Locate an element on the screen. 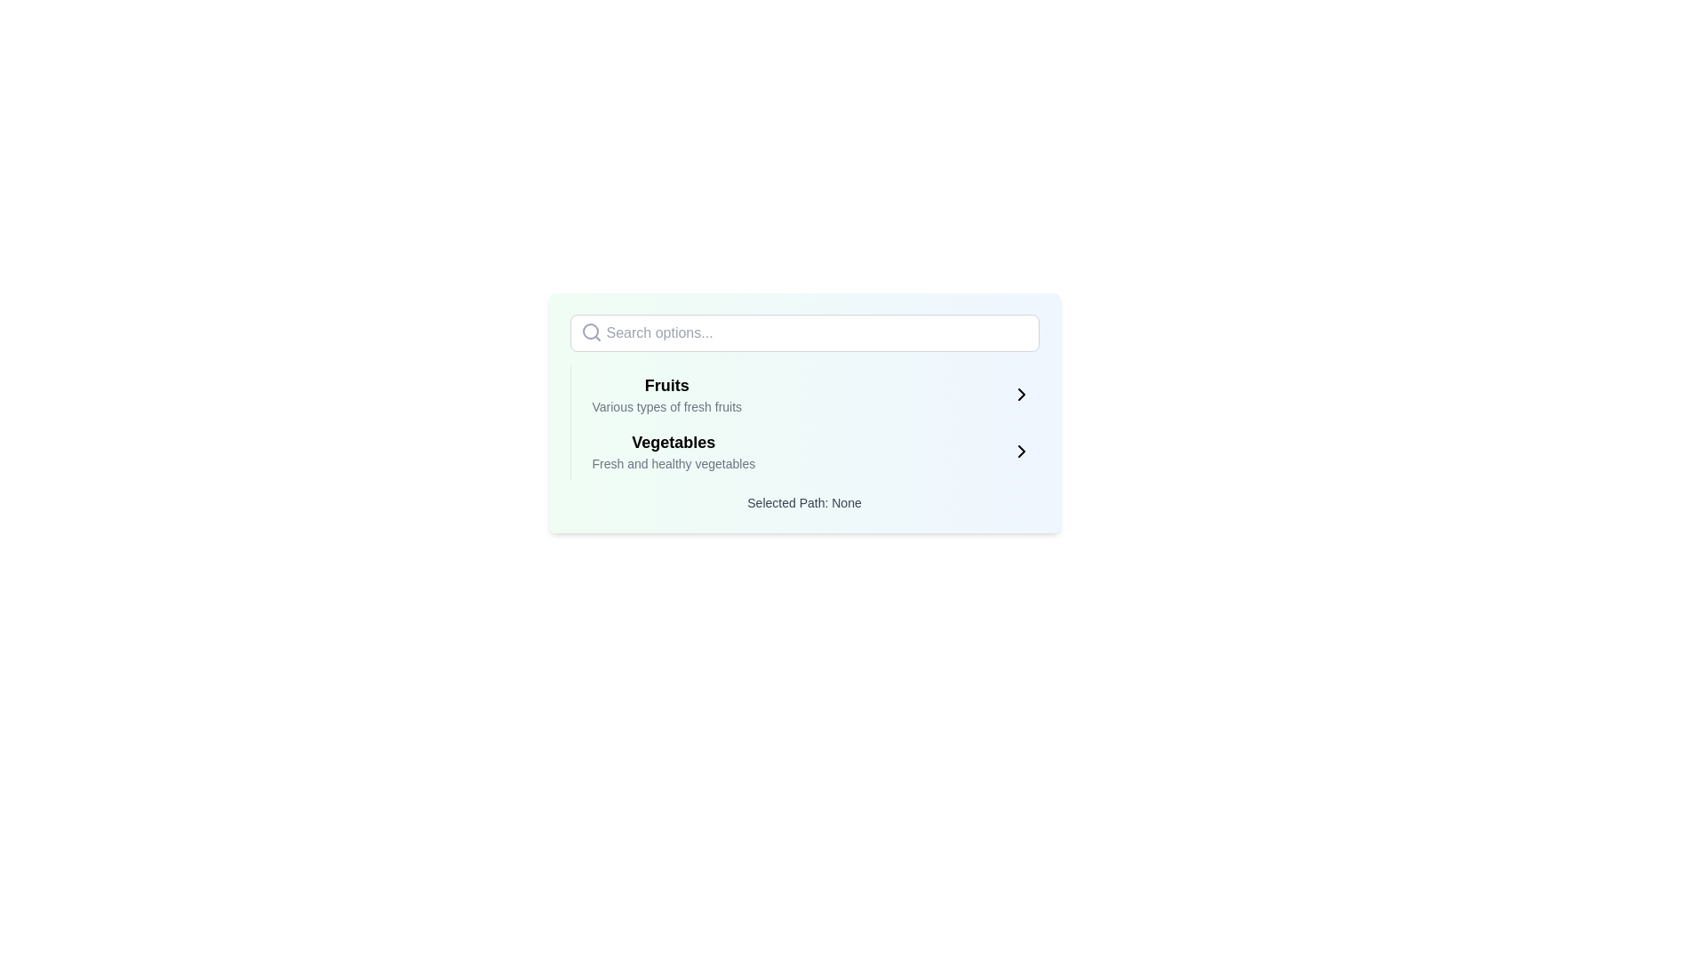  the right-pointing chevron icon indicating expandable options for the 'Fruits' section is located at coordinates (1021, 393).